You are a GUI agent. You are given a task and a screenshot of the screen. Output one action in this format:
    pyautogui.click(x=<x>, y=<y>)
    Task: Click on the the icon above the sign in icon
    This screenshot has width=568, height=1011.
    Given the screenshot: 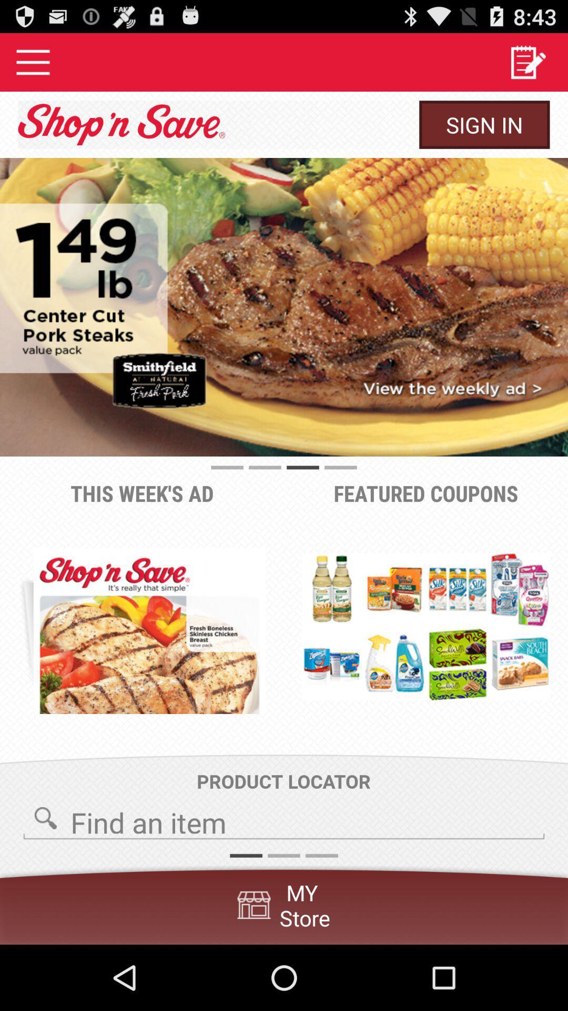 What is the action you would take?
    pyautogui.click(x=528, y=62)
    